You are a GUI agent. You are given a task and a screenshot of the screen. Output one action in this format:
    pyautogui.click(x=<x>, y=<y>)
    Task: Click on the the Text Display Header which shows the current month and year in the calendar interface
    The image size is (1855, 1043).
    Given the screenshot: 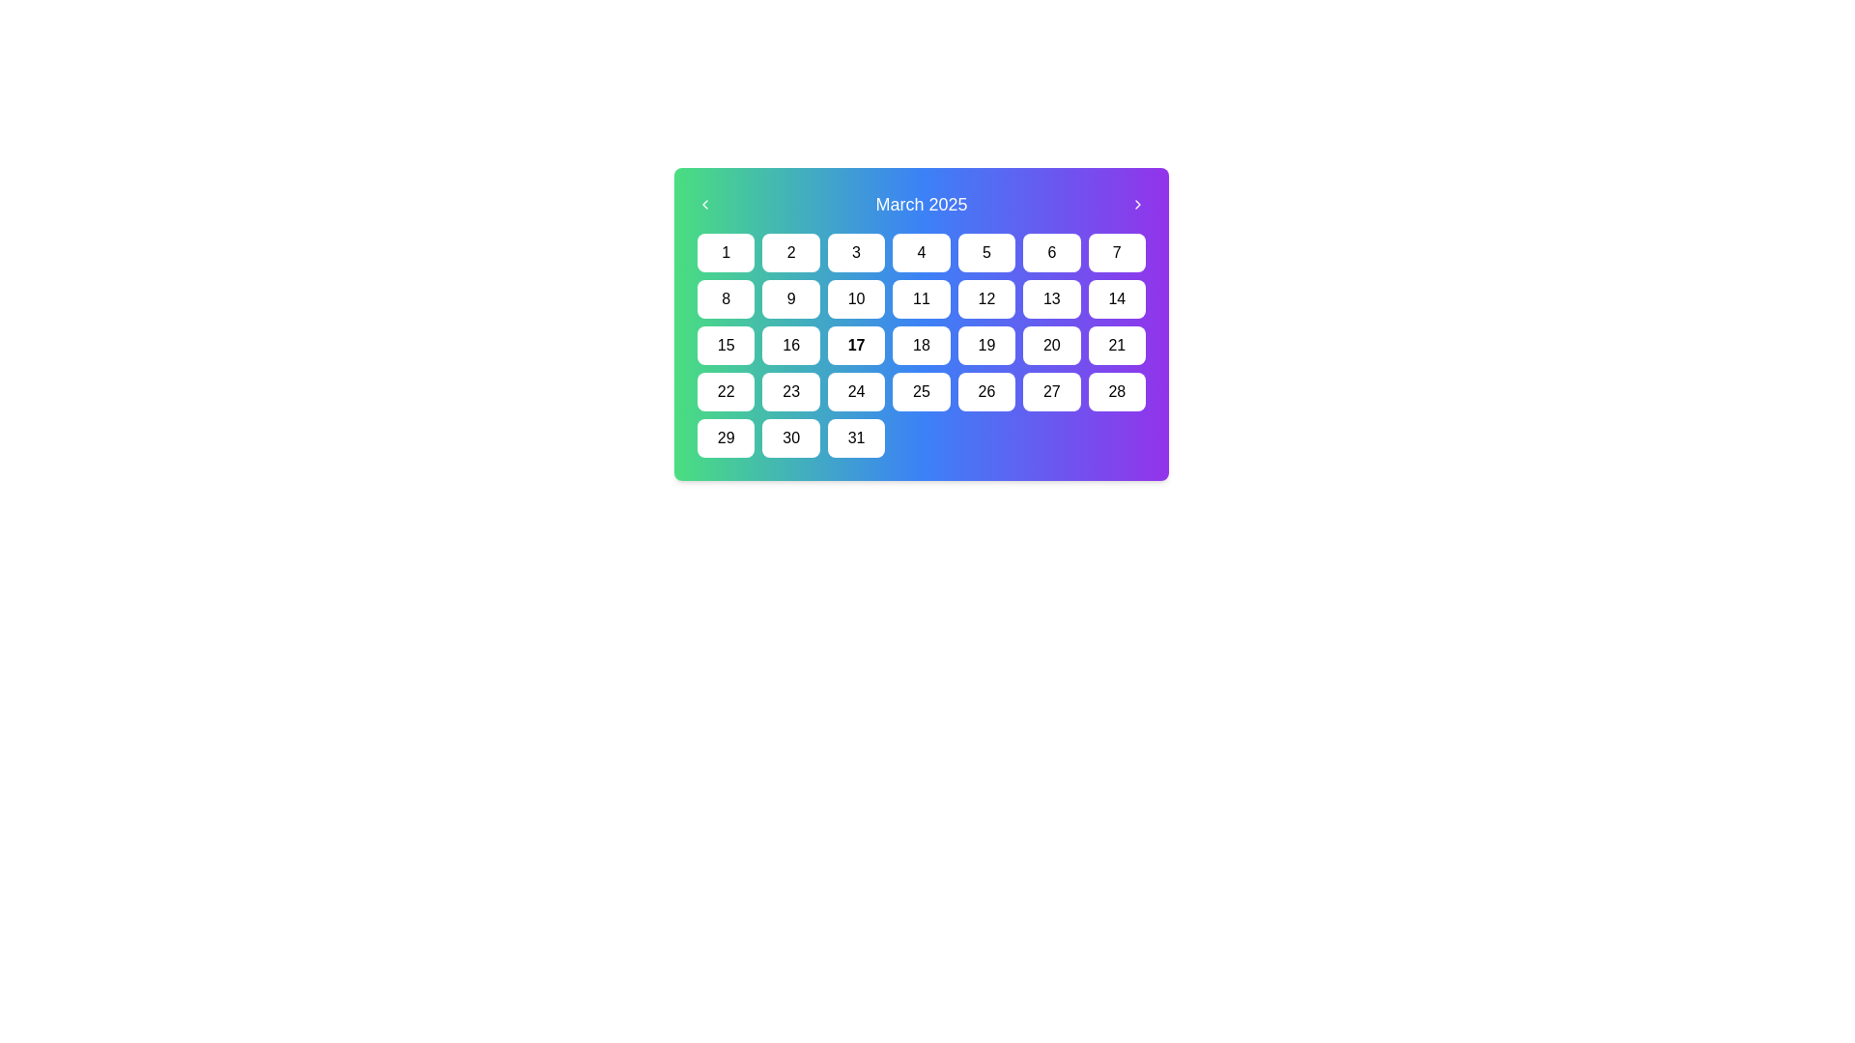 What is the action you would take?
    pyautogui.click(x=921, y=205)
    